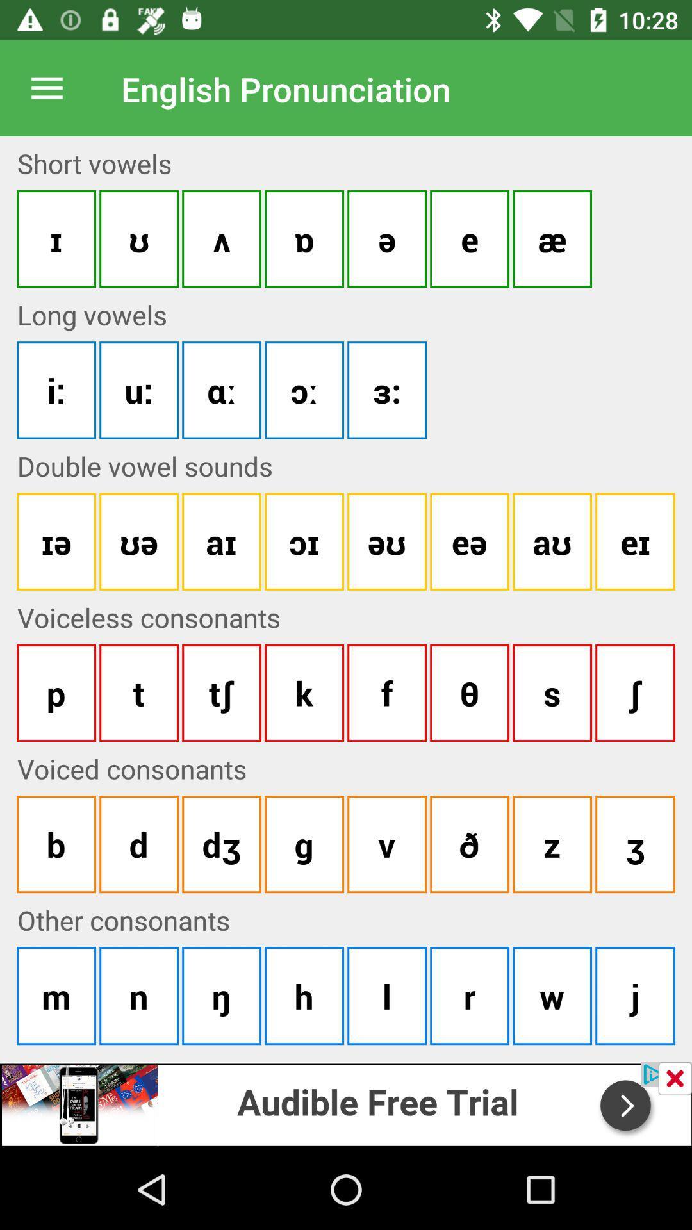 This screenshot has height=1230, width=692. Describe the element at coordinates (635, 995) in the screenshot. I see `the button having the text j` at that location.